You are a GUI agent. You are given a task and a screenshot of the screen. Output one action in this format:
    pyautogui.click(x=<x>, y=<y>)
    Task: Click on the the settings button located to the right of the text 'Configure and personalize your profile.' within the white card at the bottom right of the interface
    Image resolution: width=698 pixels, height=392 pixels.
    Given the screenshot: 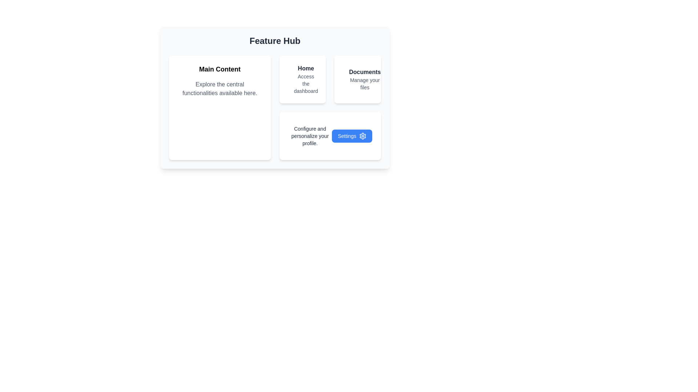 What is the action you would take?
    pyautogui.click(x=352, y=136)
    